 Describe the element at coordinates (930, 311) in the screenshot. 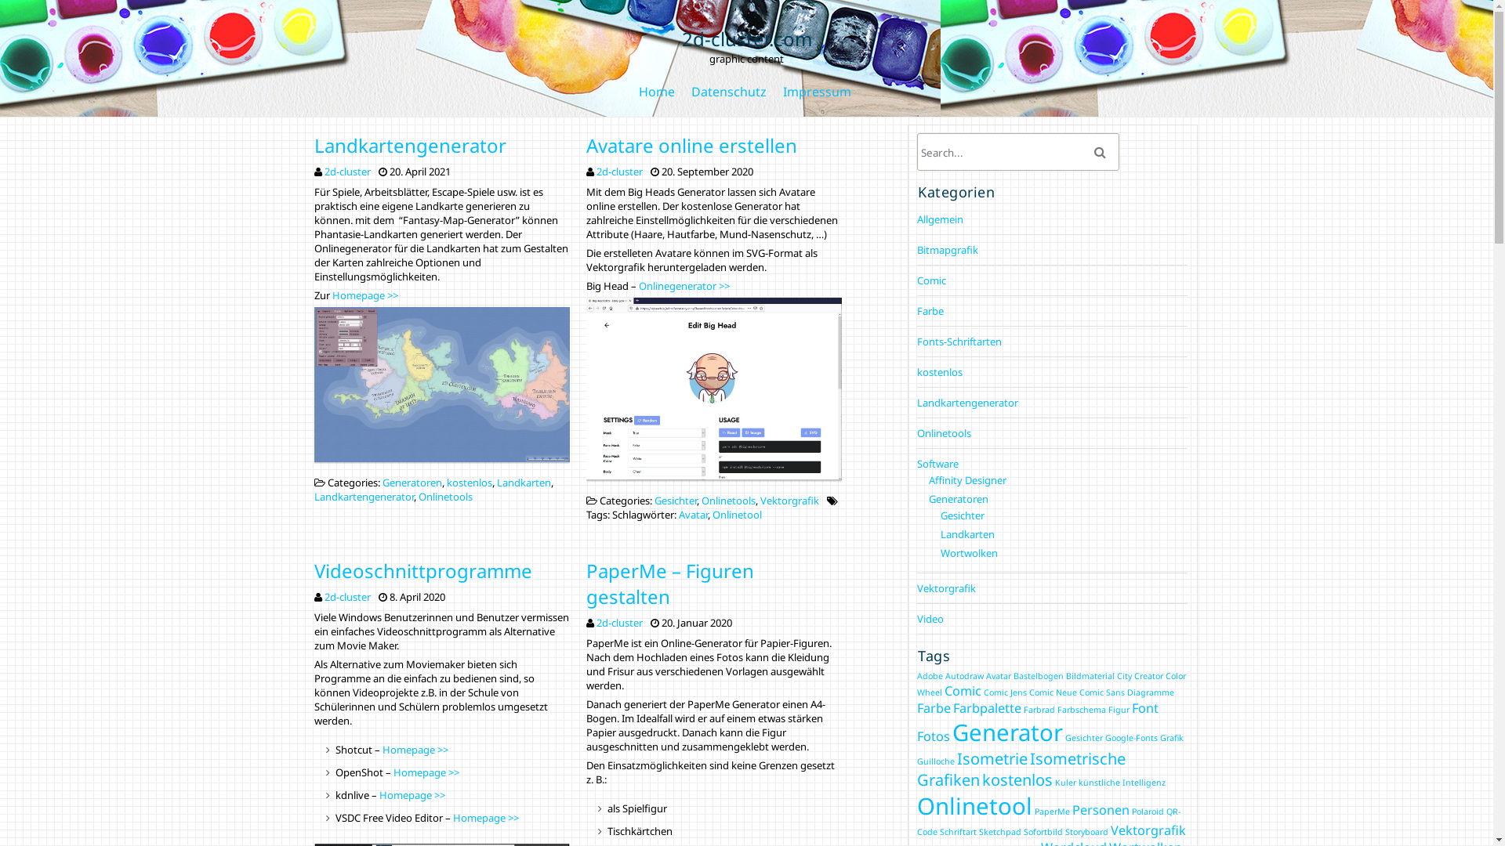

I see `'Farbe'` at that location.